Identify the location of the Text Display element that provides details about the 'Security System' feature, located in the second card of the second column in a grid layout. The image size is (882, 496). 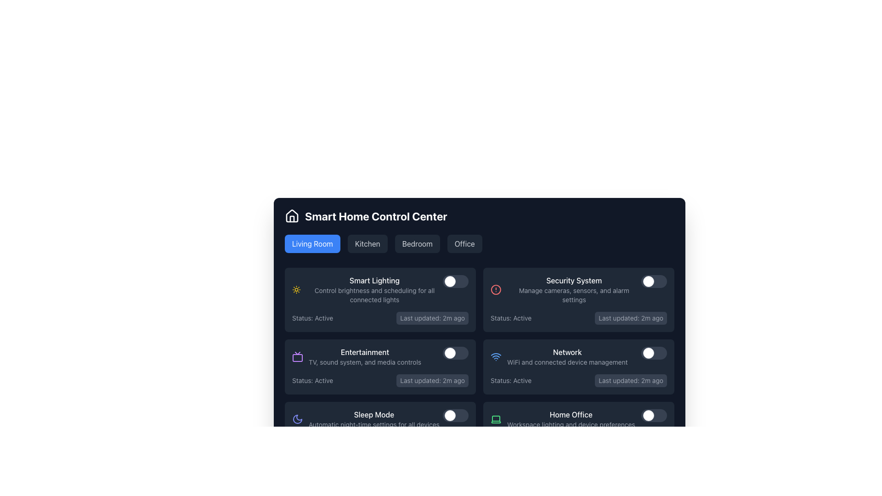
(573, 290).